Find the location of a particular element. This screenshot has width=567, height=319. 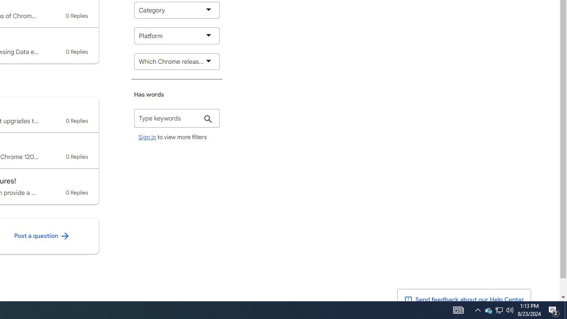

' Apply filter ' is located at coordinates (207, 120).